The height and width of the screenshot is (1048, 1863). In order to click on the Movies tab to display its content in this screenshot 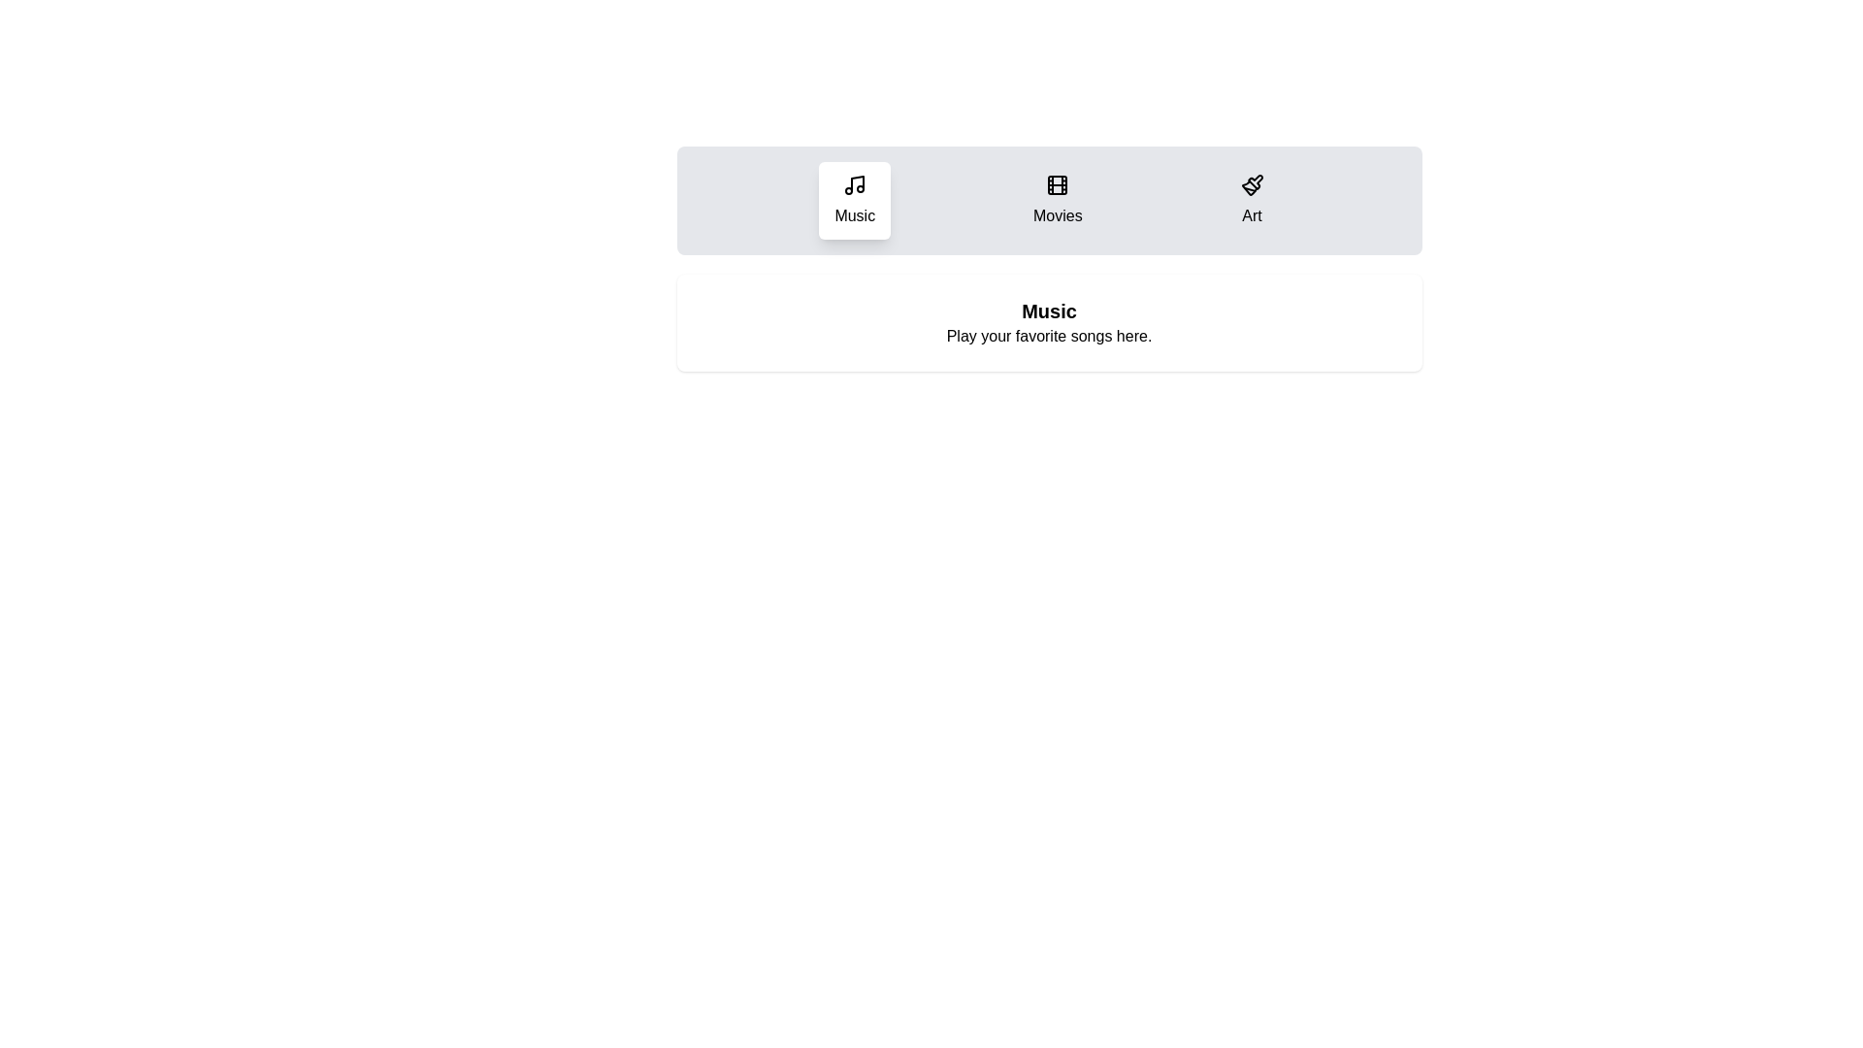, I will do `click(1056, 201)`.